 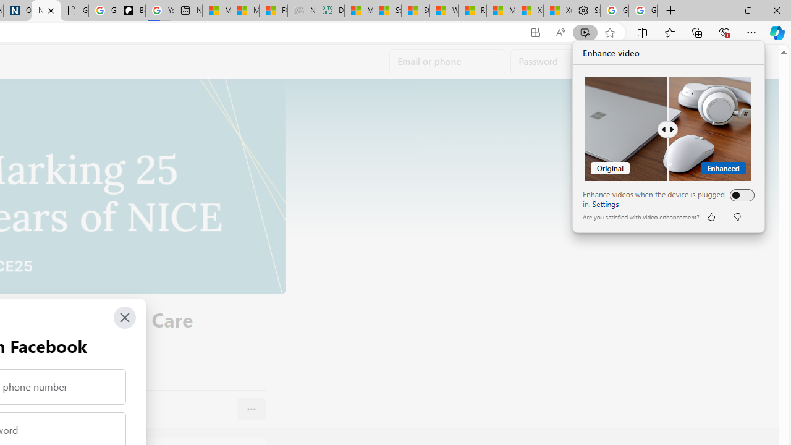 I want to click on 'FOX News - MSN', so click(x=273, y=11).